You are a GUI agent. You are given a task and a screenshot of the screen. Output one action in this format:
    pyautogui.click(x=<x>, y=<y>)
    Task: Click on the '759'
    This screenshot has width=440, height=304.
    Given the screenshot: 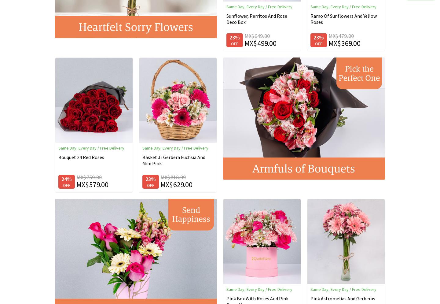 What is the action you would take?
    pyautogui.click(x=90, y=177)
    